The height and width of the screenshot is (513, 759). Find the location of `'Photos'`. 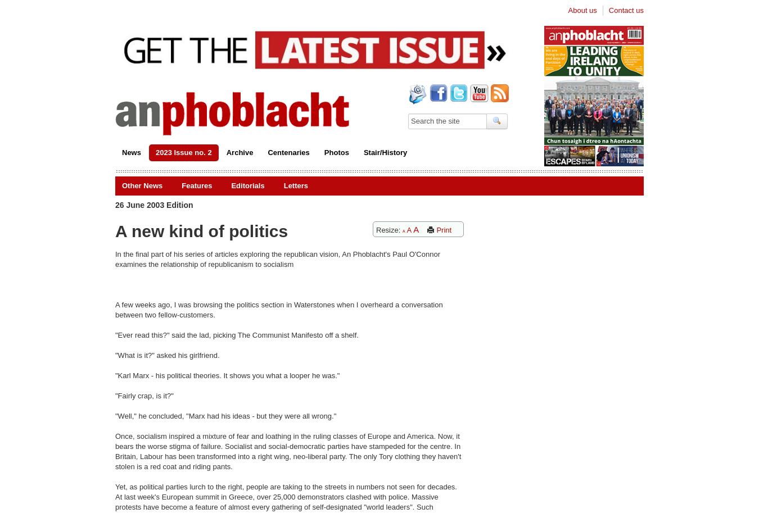

'Photos' is located at coordinates (336, 152).